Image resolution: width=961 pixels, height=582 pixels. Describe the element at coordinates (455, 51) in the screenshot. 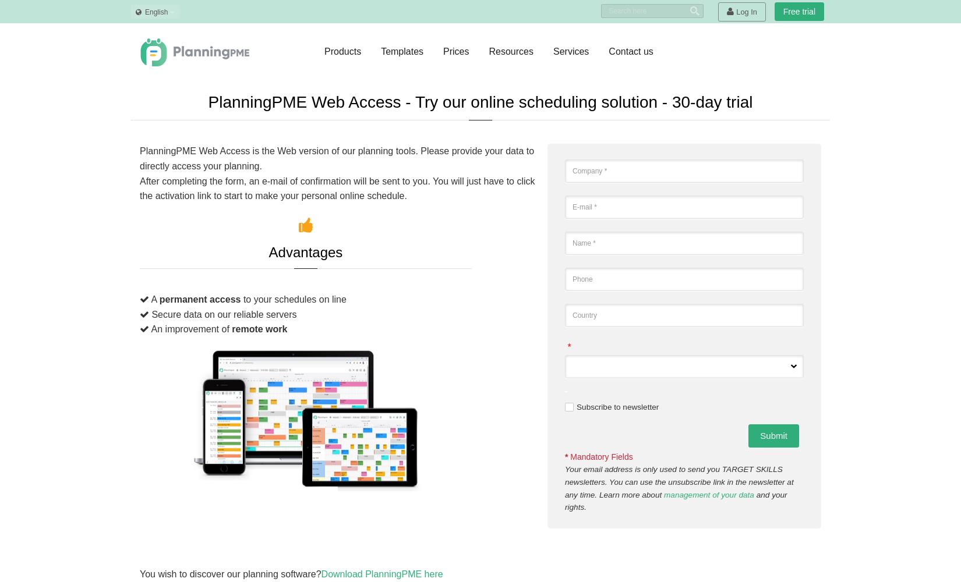

I see `'Prices'` at that location.